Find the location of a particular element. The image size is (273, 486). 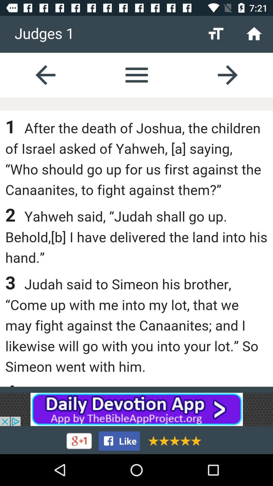

the advertisement is located at coordinates (136, 409).